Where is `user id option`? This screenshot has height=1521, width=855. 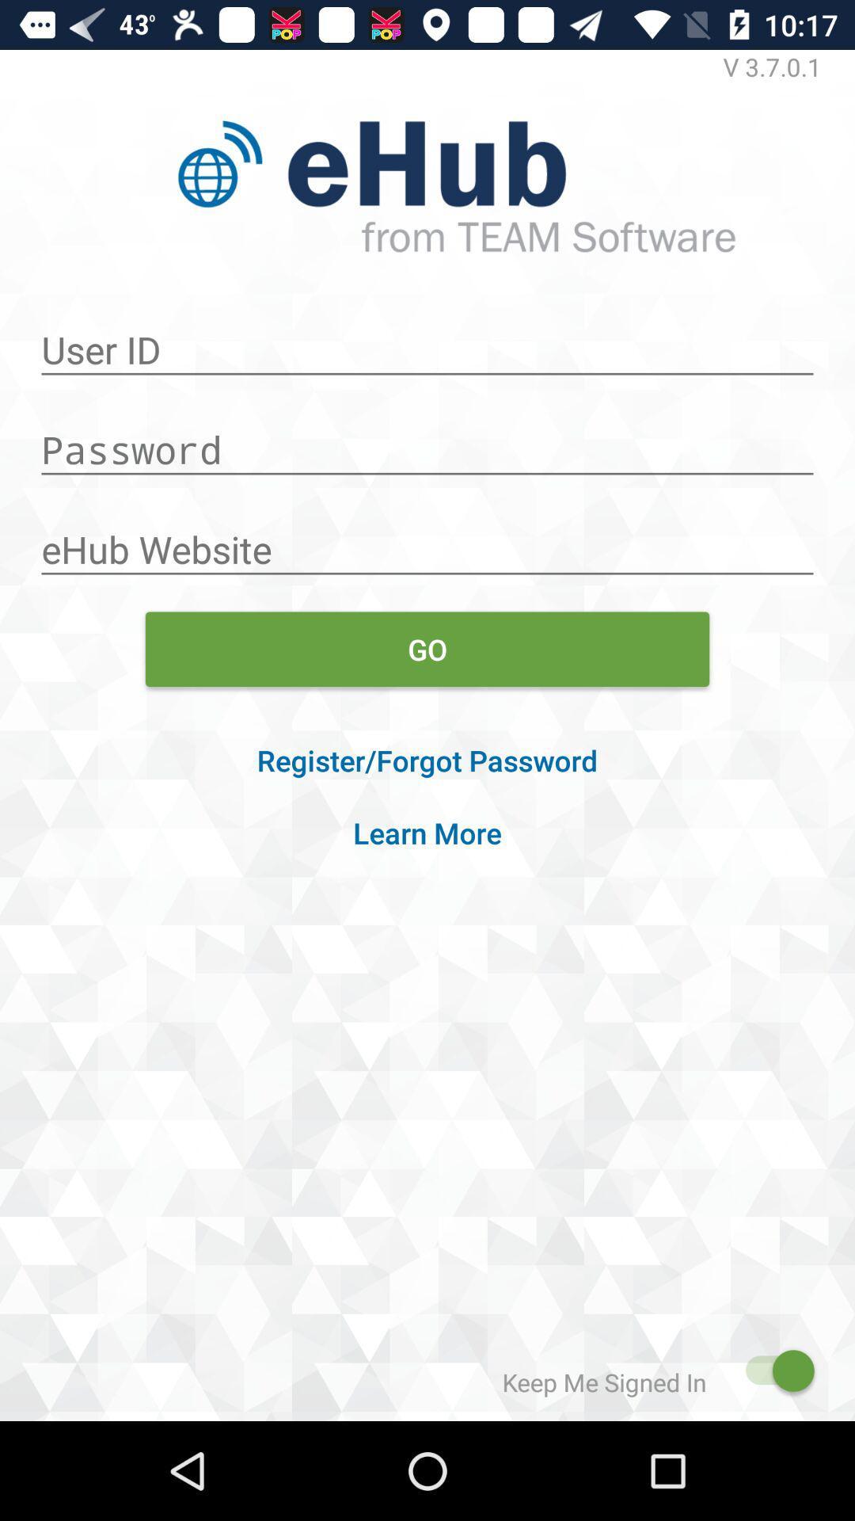
user id option is located at coordinates (427, 341).